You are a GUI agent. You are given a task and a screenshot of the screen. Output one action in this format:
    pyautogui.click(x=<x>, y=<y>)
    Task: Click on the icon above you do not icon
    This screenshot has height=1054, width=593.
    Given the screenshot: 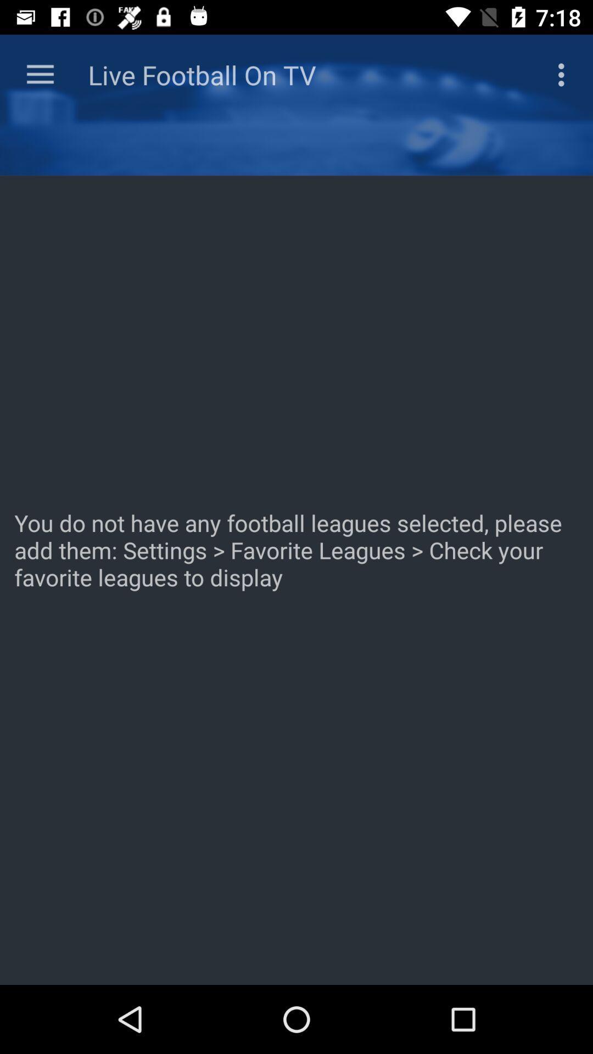 What is the action you would take?
    pyautogui.click(x=40, y=74)
    